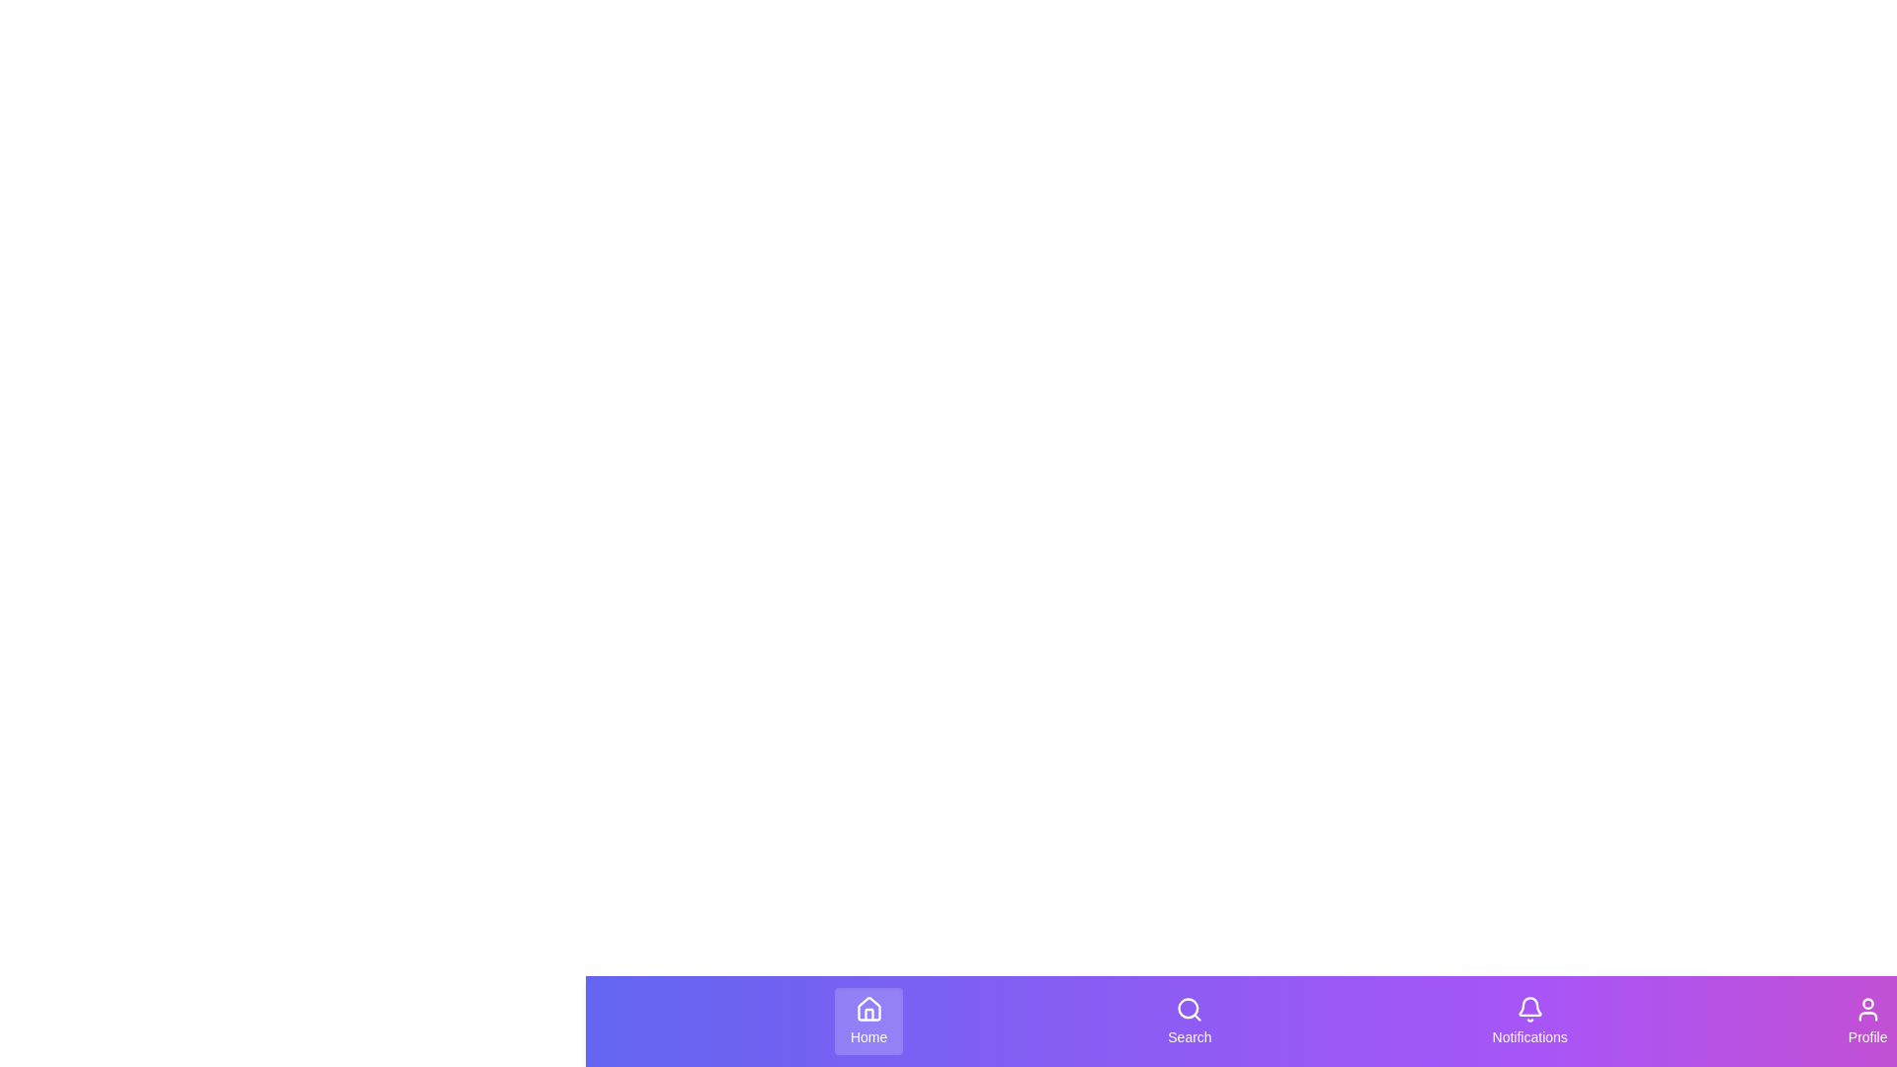 This screenshot has width=1897, height=1067. What do you see at coordinates (1528, 1021) in the screenshot?
I see `the 'Notifications' button` at bounding box center [1528, 1021].